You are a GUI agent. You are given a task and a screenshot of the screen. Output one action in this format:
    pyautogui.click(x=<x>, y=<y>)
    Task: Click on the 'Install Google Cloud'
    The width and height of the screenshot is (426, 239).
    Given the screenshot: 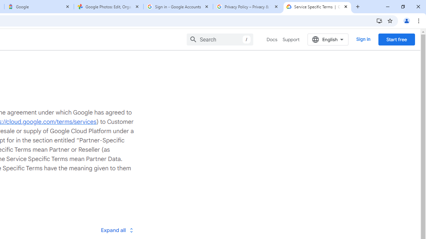 What is the action you would take?
    pyautogui.click(x=379, y=20)
    